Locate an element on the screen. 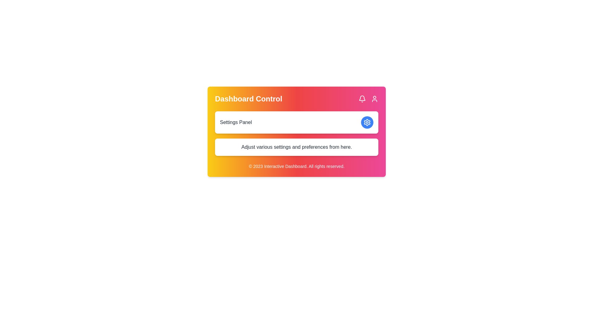 This screenshot has height=334, width=594. text in the 'Settings Panel' element, which includes a gear icon and descriptive text about adjusting various settings and preferences is located at coordinates (296, 133).